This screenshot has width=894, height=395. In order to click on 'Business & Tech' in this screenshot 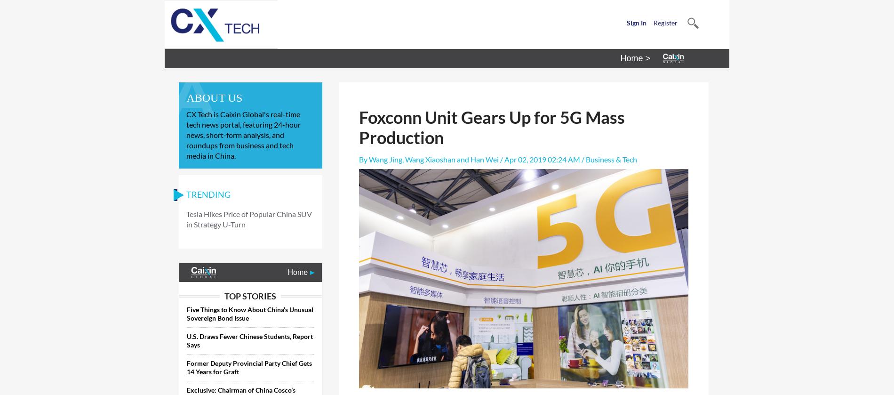, I will do `click(610, 159)`.